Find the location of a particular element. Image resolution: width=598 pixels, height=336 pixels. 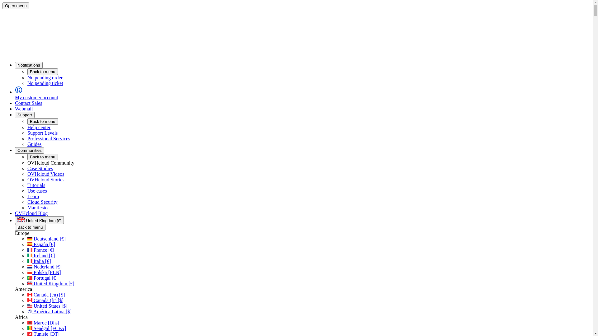

'Professional Services' is located at coordinates (48, 138).